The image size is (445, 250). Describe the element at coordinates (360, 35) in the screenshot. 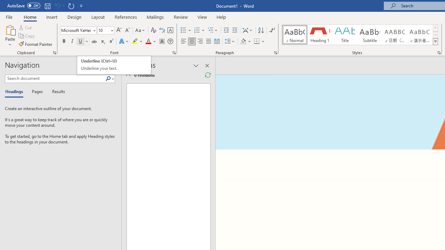

I see `'AutomationID: QuickStylesGallery'` at that location.